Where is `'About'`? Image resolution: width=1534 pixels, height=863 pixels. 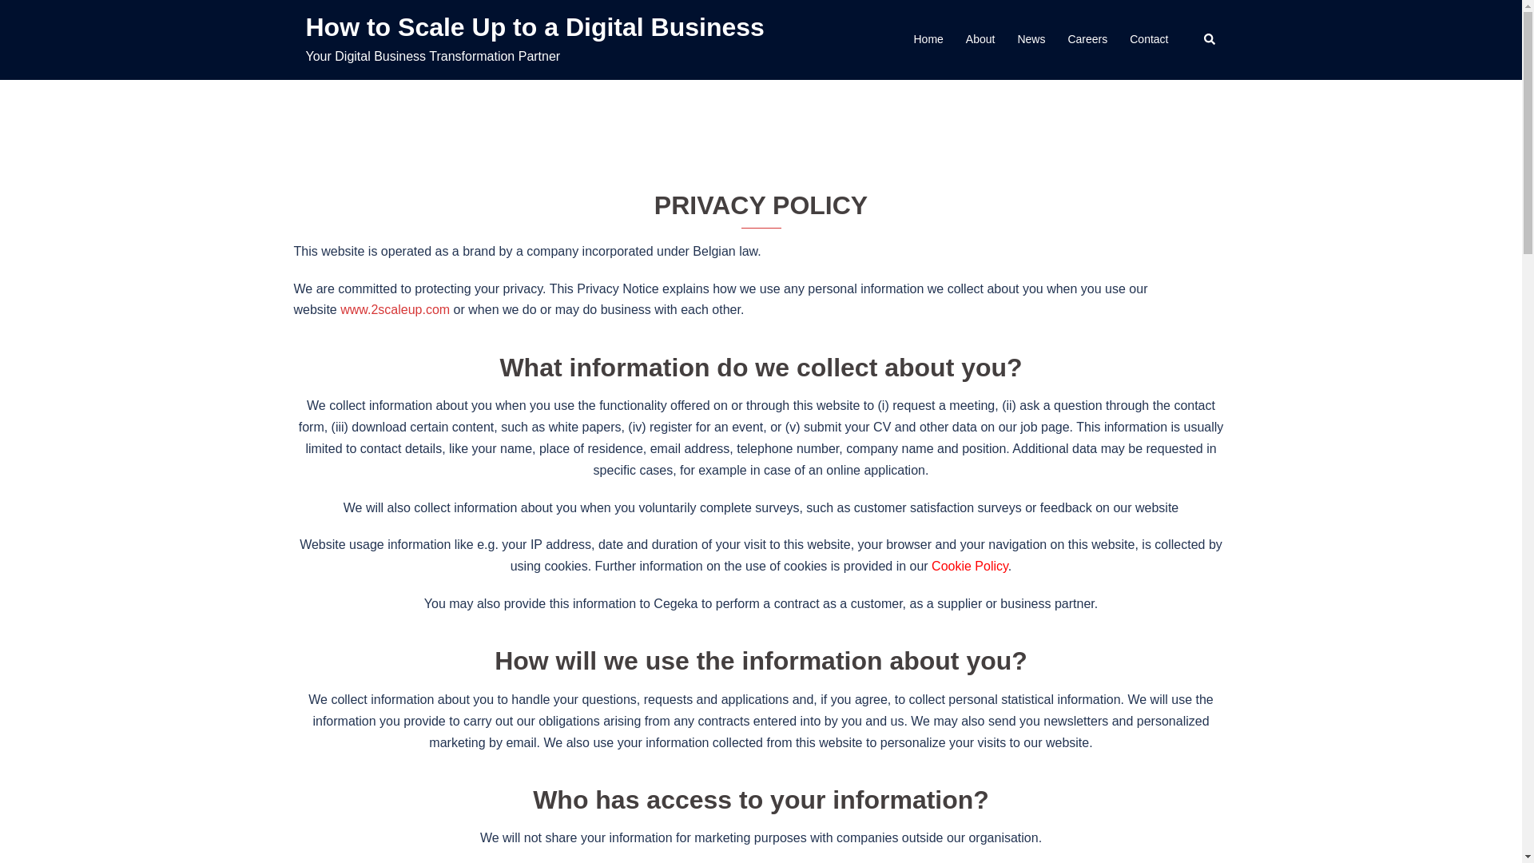
'About' is located at coordinates (965, 39).